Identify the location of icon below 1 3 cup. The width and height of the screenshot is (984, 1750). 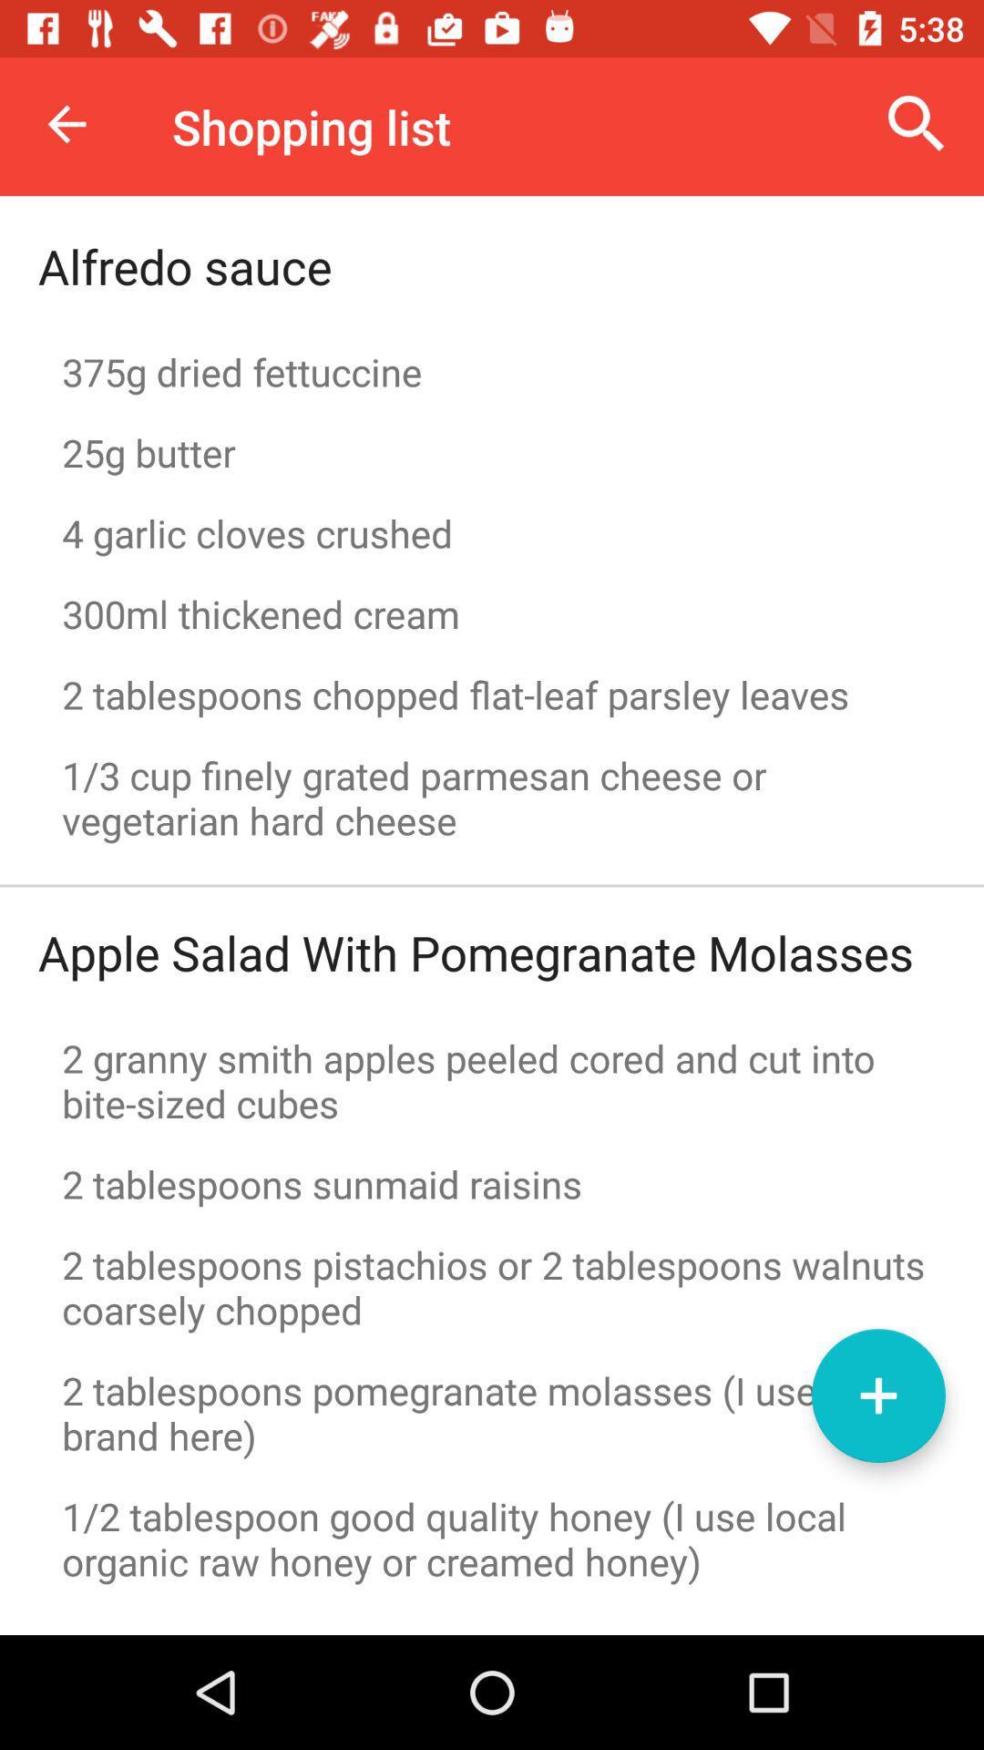
(492, 885).